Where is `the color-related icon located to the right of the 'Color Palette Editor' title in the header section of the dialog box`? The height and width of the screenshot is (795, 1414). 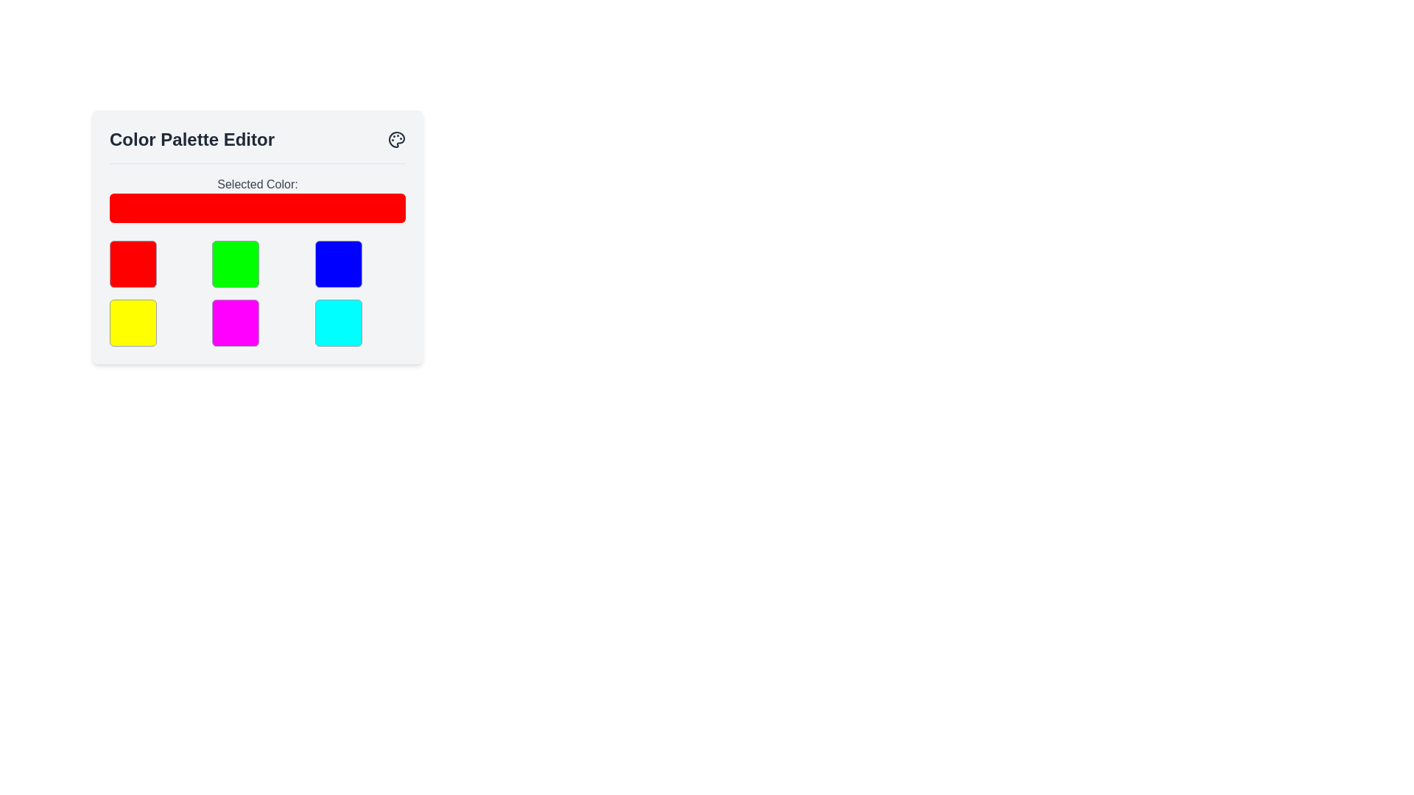 the color-related icon located to the right of the 'Color Palette Editor' title in the header section of the dialog box is located at coordinates (396, 139).